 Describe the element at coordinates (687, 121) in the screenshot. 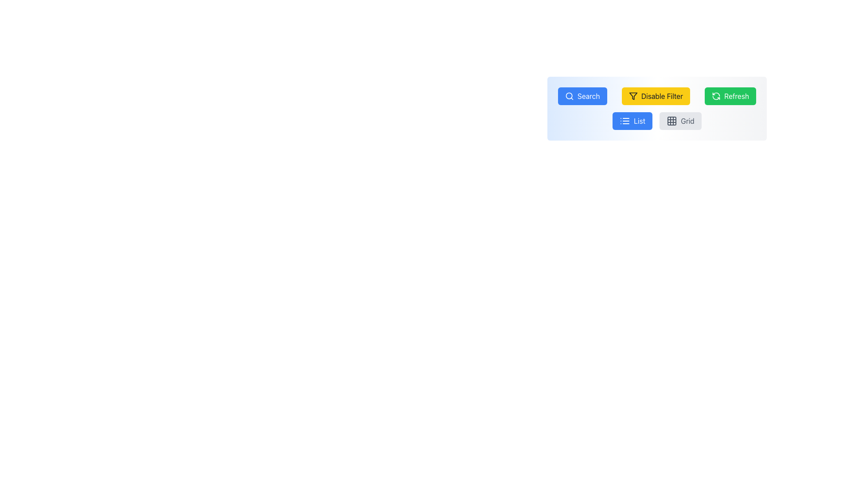

I see `the text label displaying 'Grid', which is positioned immediately to the right of the 'List' button` at that location.